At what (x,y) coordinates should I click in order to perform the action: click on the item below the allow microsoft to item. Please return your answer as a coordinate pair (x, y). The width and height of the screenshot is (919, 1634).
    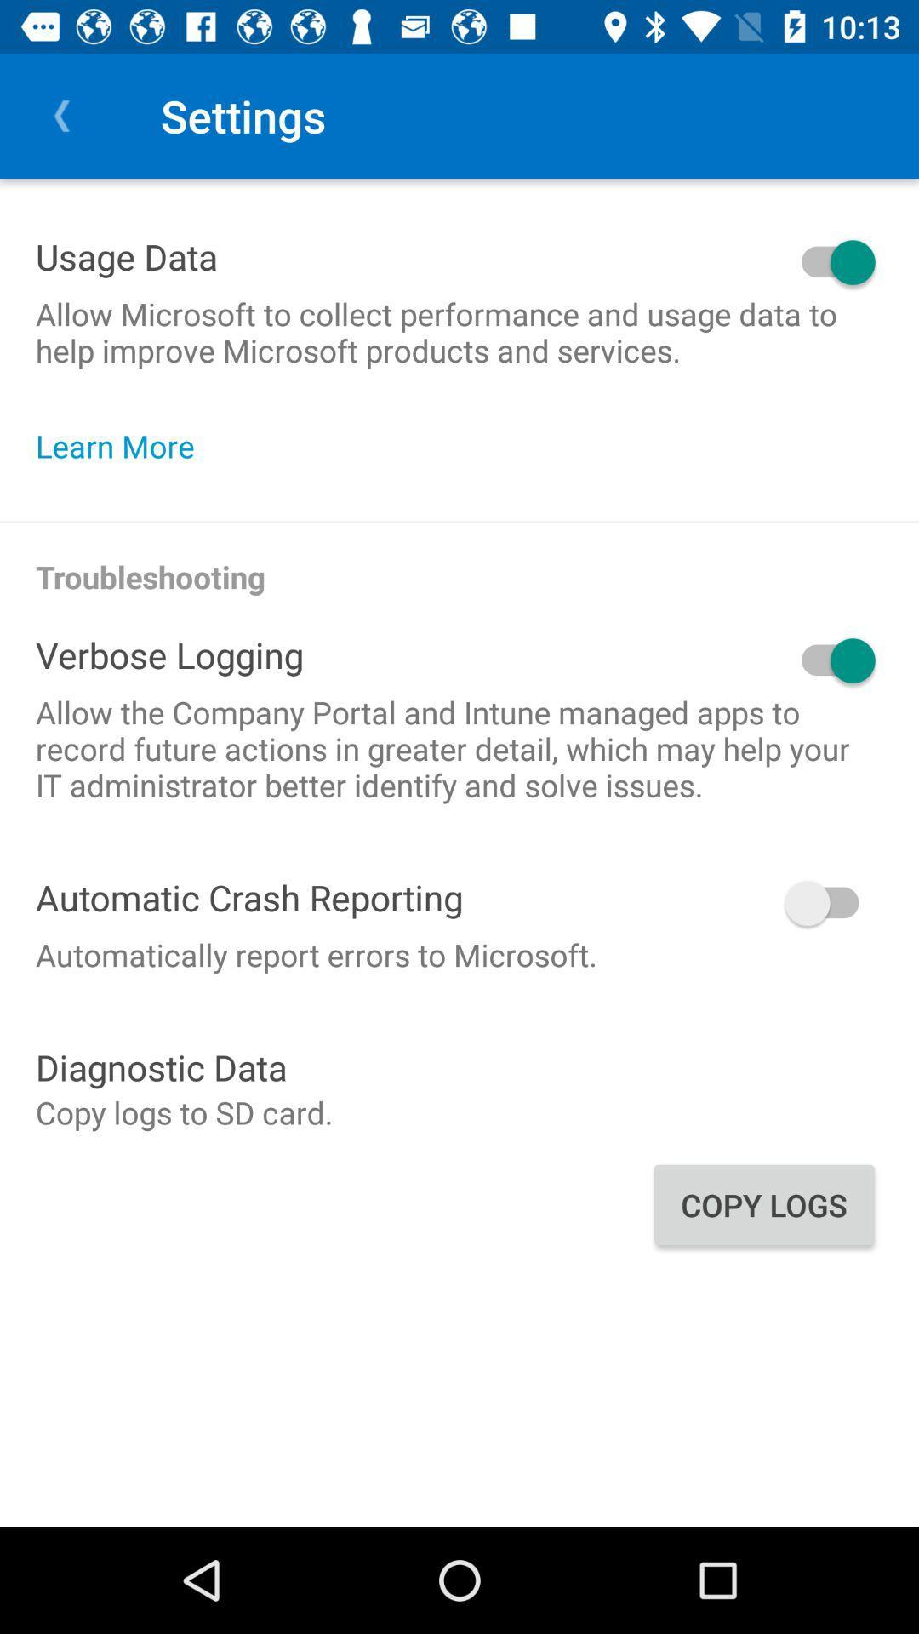
    Looking at the image, I should click on (123, 446).